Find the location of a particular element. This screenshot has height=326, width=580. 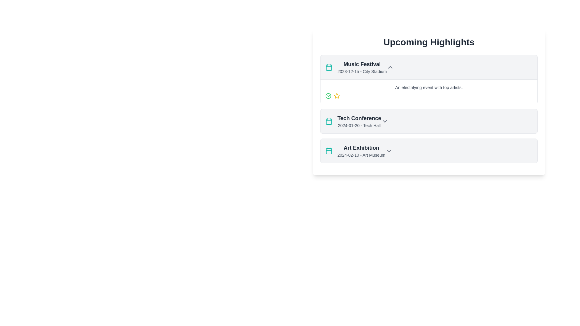

the downward-facing chevron icon is located at coordinates (389, 151).